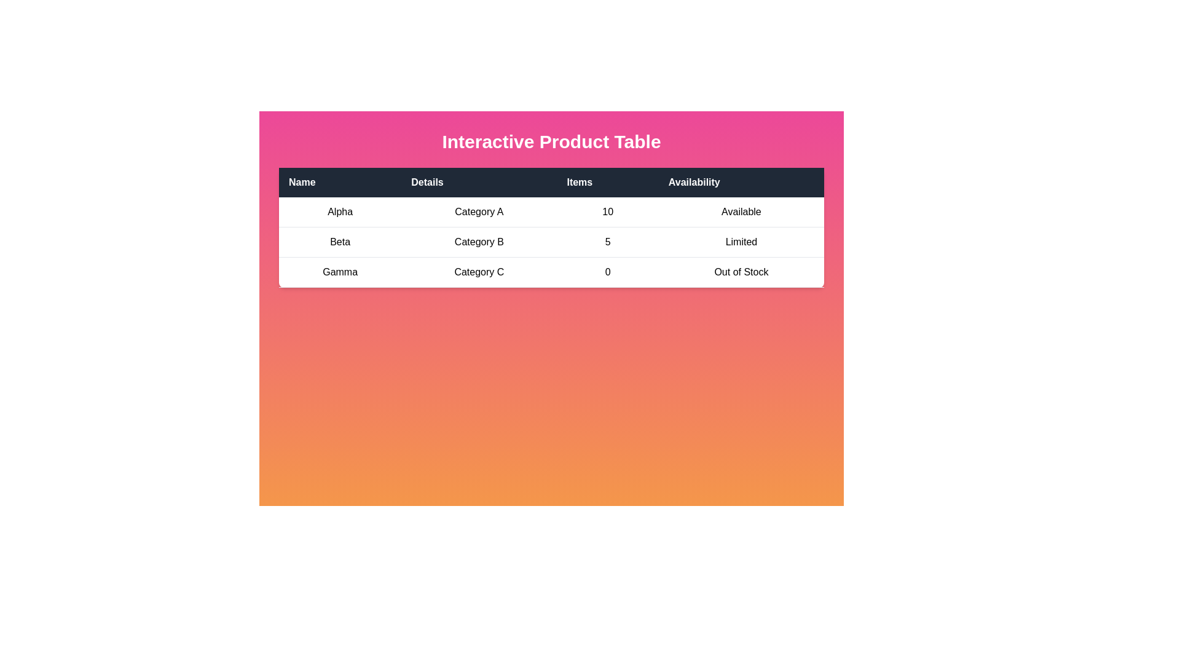  I want to click on the second table row displaying detailed information including the name 'Beta', category 'Category B', quantity '5', and availability status 'Limited', so click(551, 242).